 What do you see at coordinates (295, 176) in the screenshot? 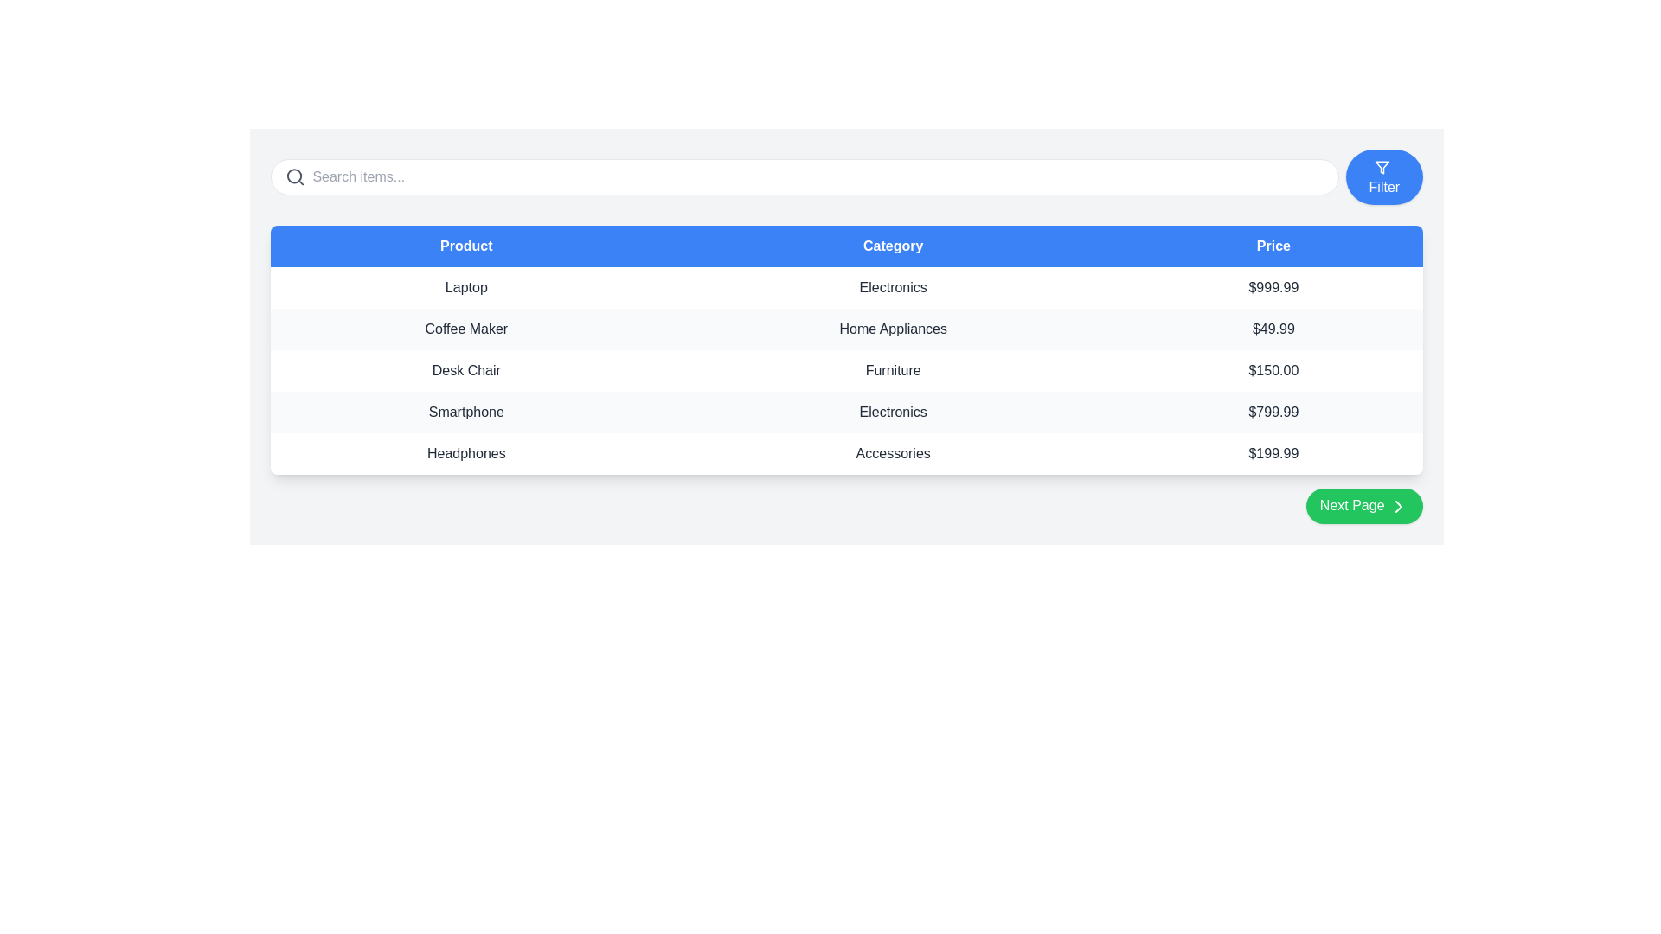
I see `the magnifying glass icon located at the leftmost side of the search bar, which represents a search action` at bounding box center [295, 176].